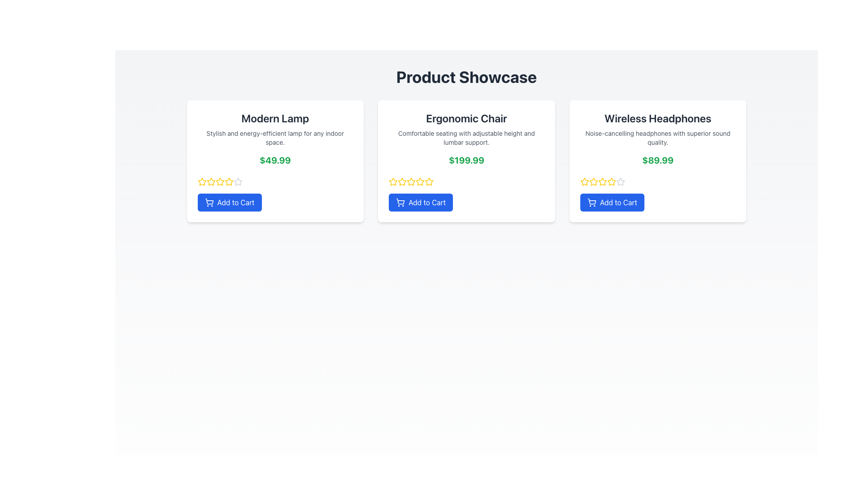  What do you see at coordinates (393, 181) in the screenshot?
I see `the first star icon in the 5-star rating system for the 'Ergonomic Chair' product, located below the title and price` at bounding box center [393, 181].